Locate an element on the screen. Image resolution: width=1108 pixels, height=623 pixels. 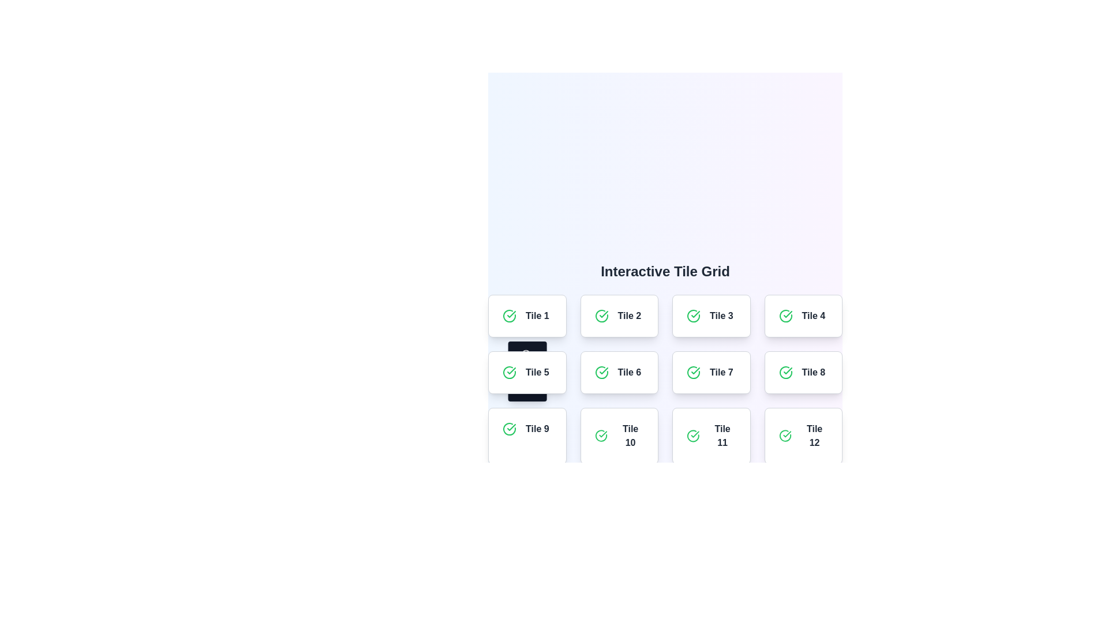
the selectable card representing 'Tile 3' in the grid layout is located at coordinates (710, 316).